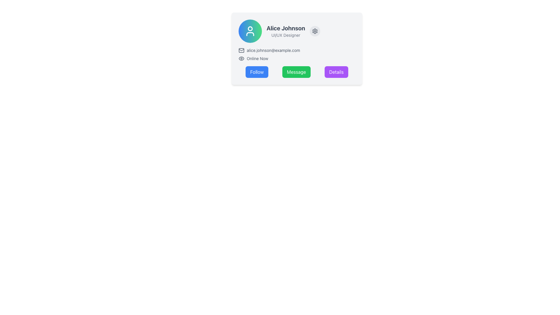  I want to click on the 'Online Now' text label, which is styled in a small gray font and positioned to the right of an eye icon, so click(257, 58).